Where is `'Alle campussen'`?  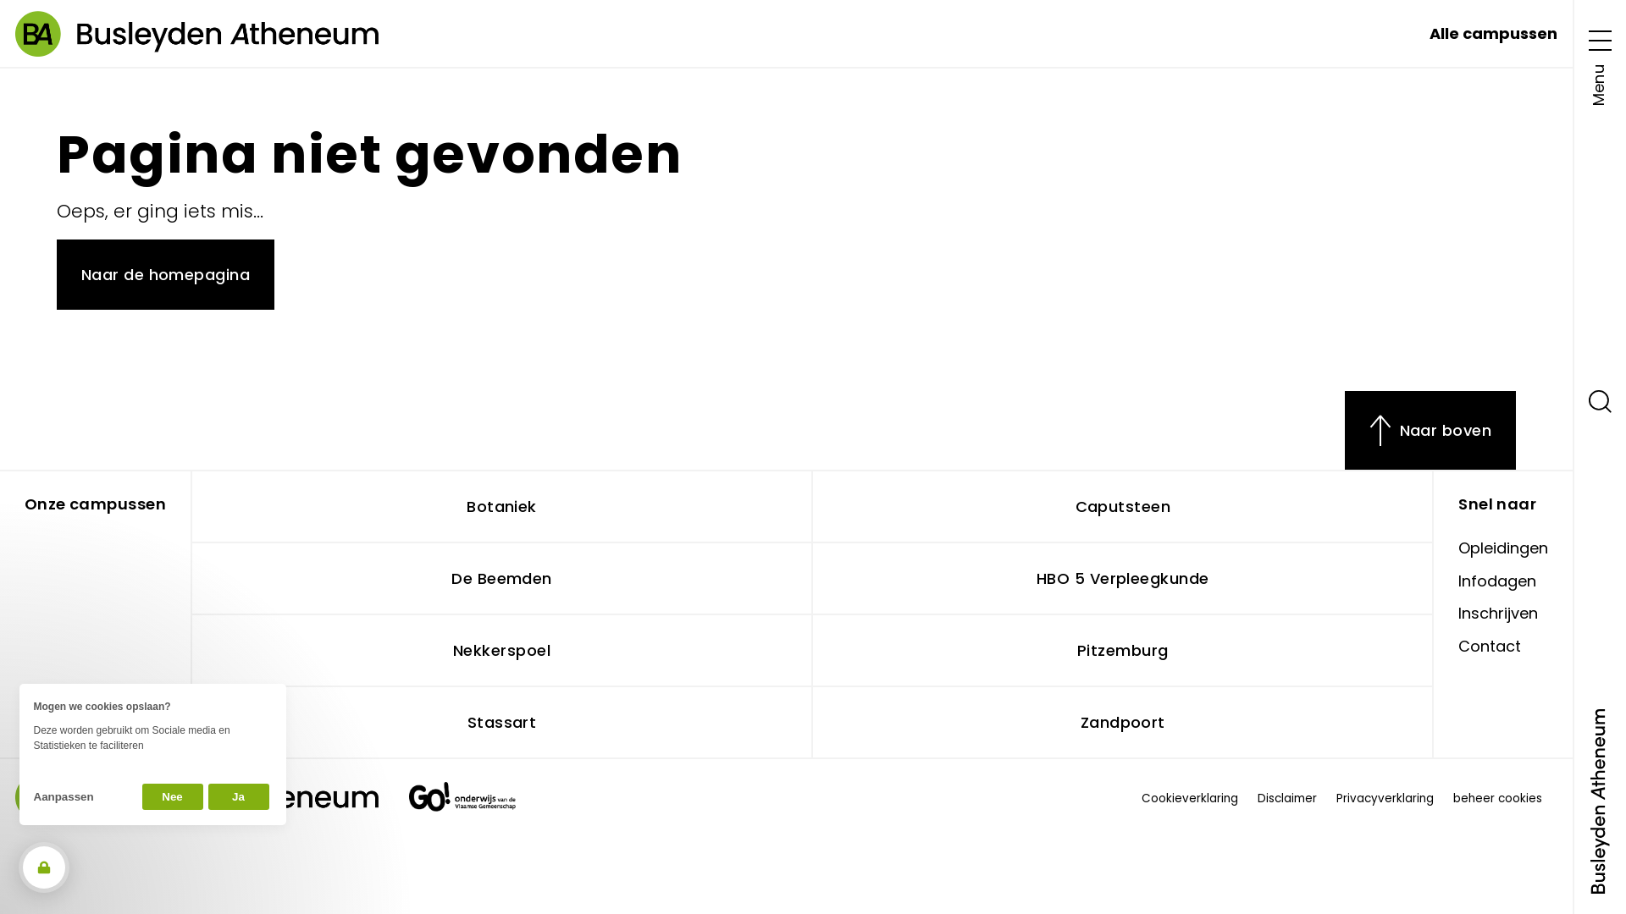
'Alle campussen' is located at coordinates (1493, 33).